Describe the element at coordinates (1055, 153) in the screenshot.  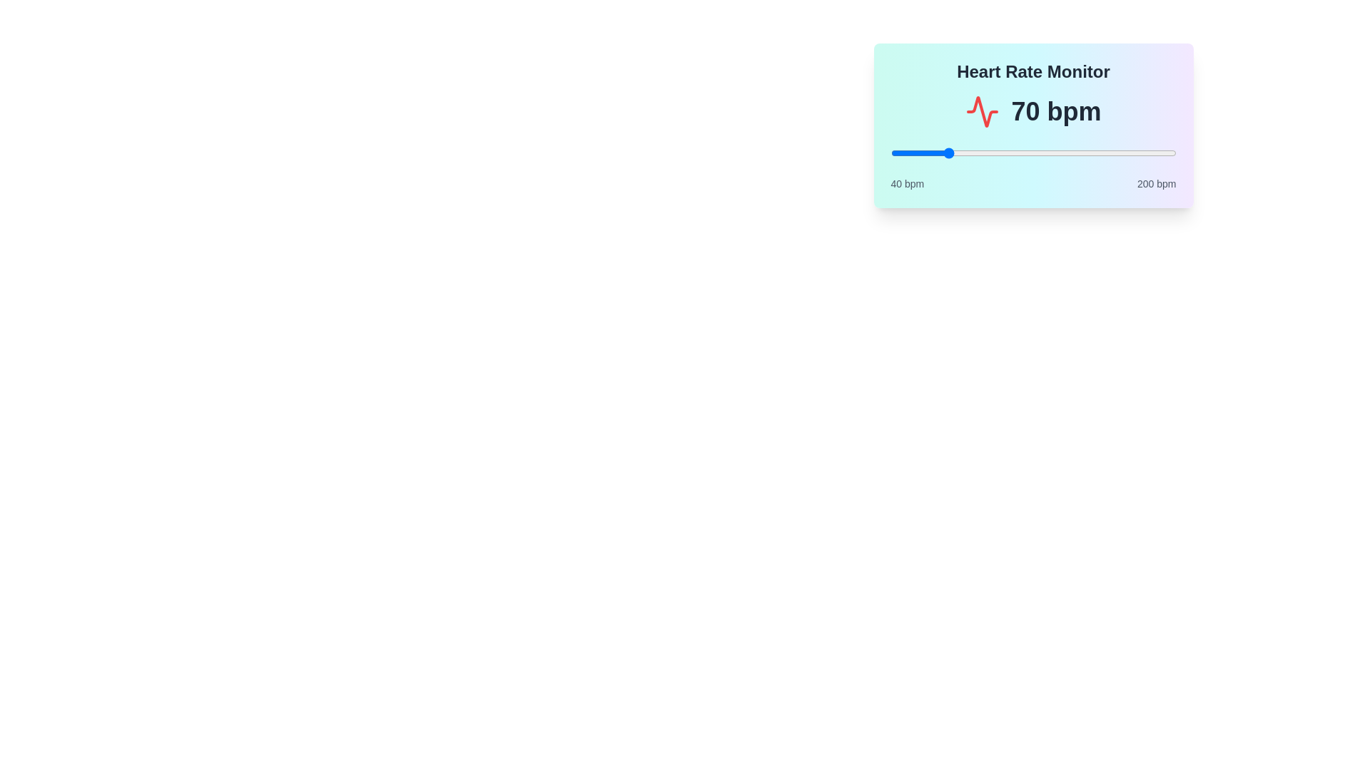
I see `the heart rate slider to 132 bpm` at that location.